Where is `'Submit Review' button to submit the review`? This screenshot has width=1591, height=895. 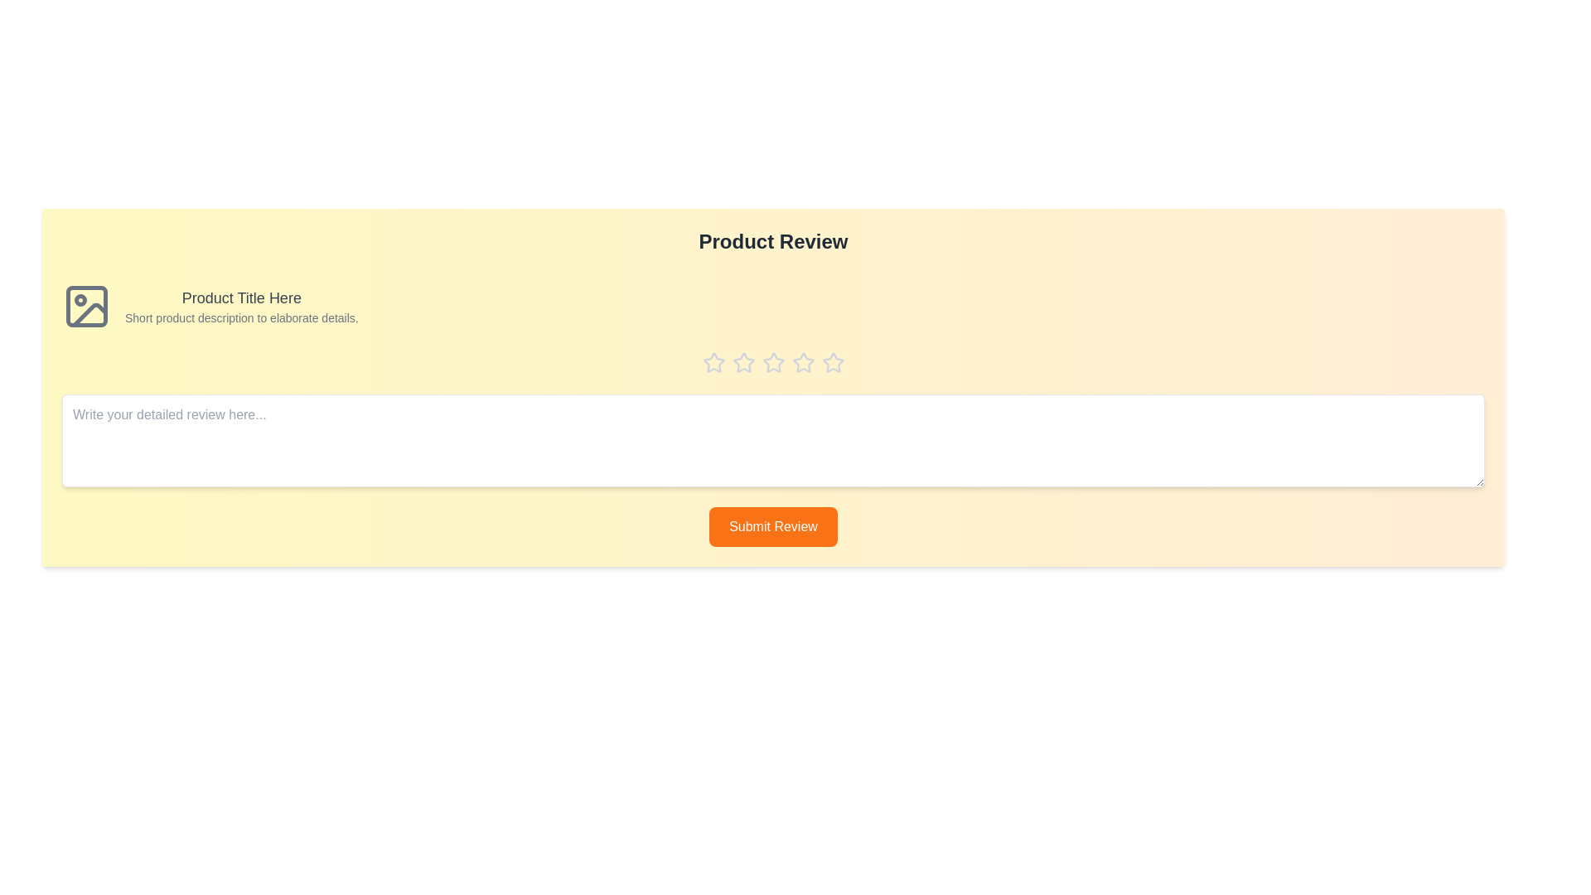 'Submit Review' button to submit the review is located at coordinates (772, 527).